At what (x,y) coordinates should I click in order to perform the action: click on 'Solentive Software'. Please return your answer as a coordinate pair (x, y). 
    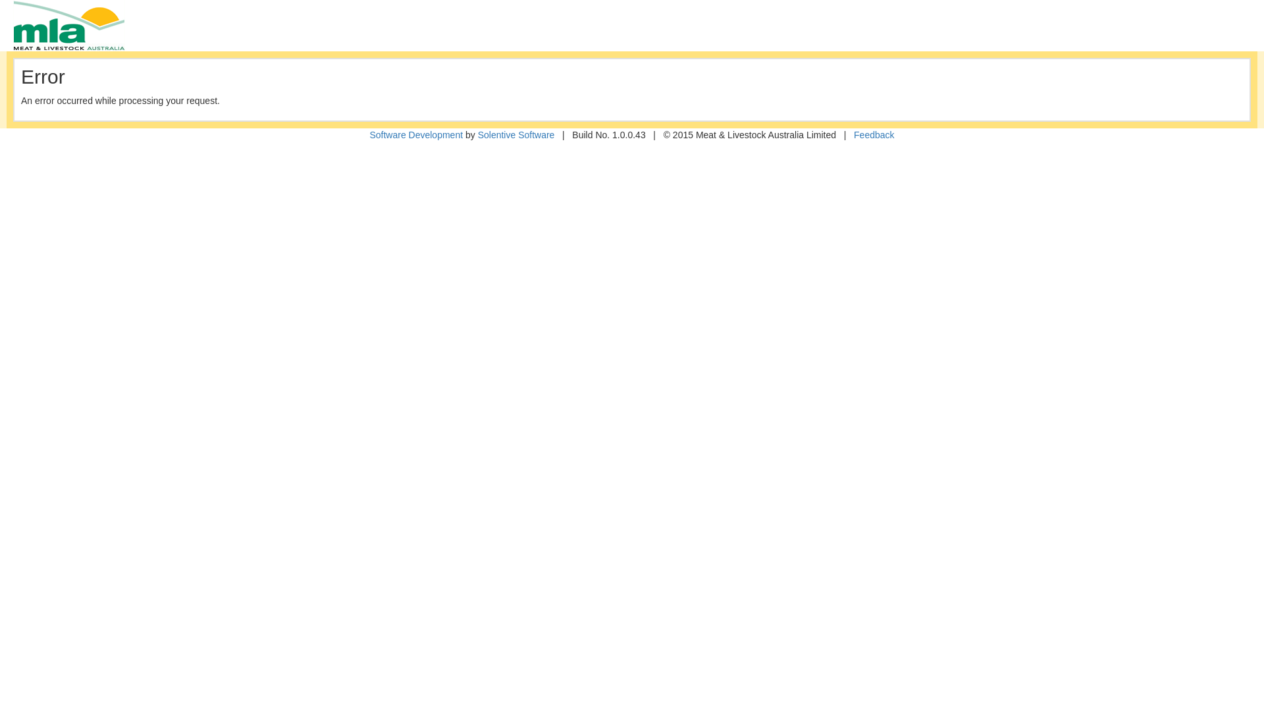
    Looking at the image, I should click on (515, 134).